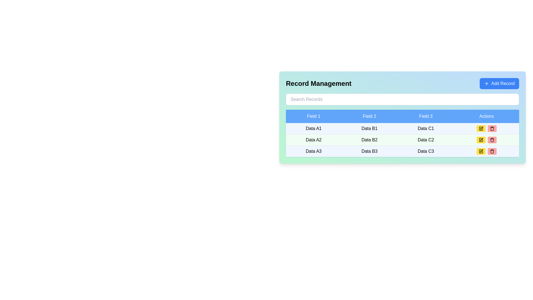  Describe the element at coordinates (481, 151) in the screenshot. I see `the yellow button with a pen icon located in the 'Actions' column of the last row in the table` at that location.